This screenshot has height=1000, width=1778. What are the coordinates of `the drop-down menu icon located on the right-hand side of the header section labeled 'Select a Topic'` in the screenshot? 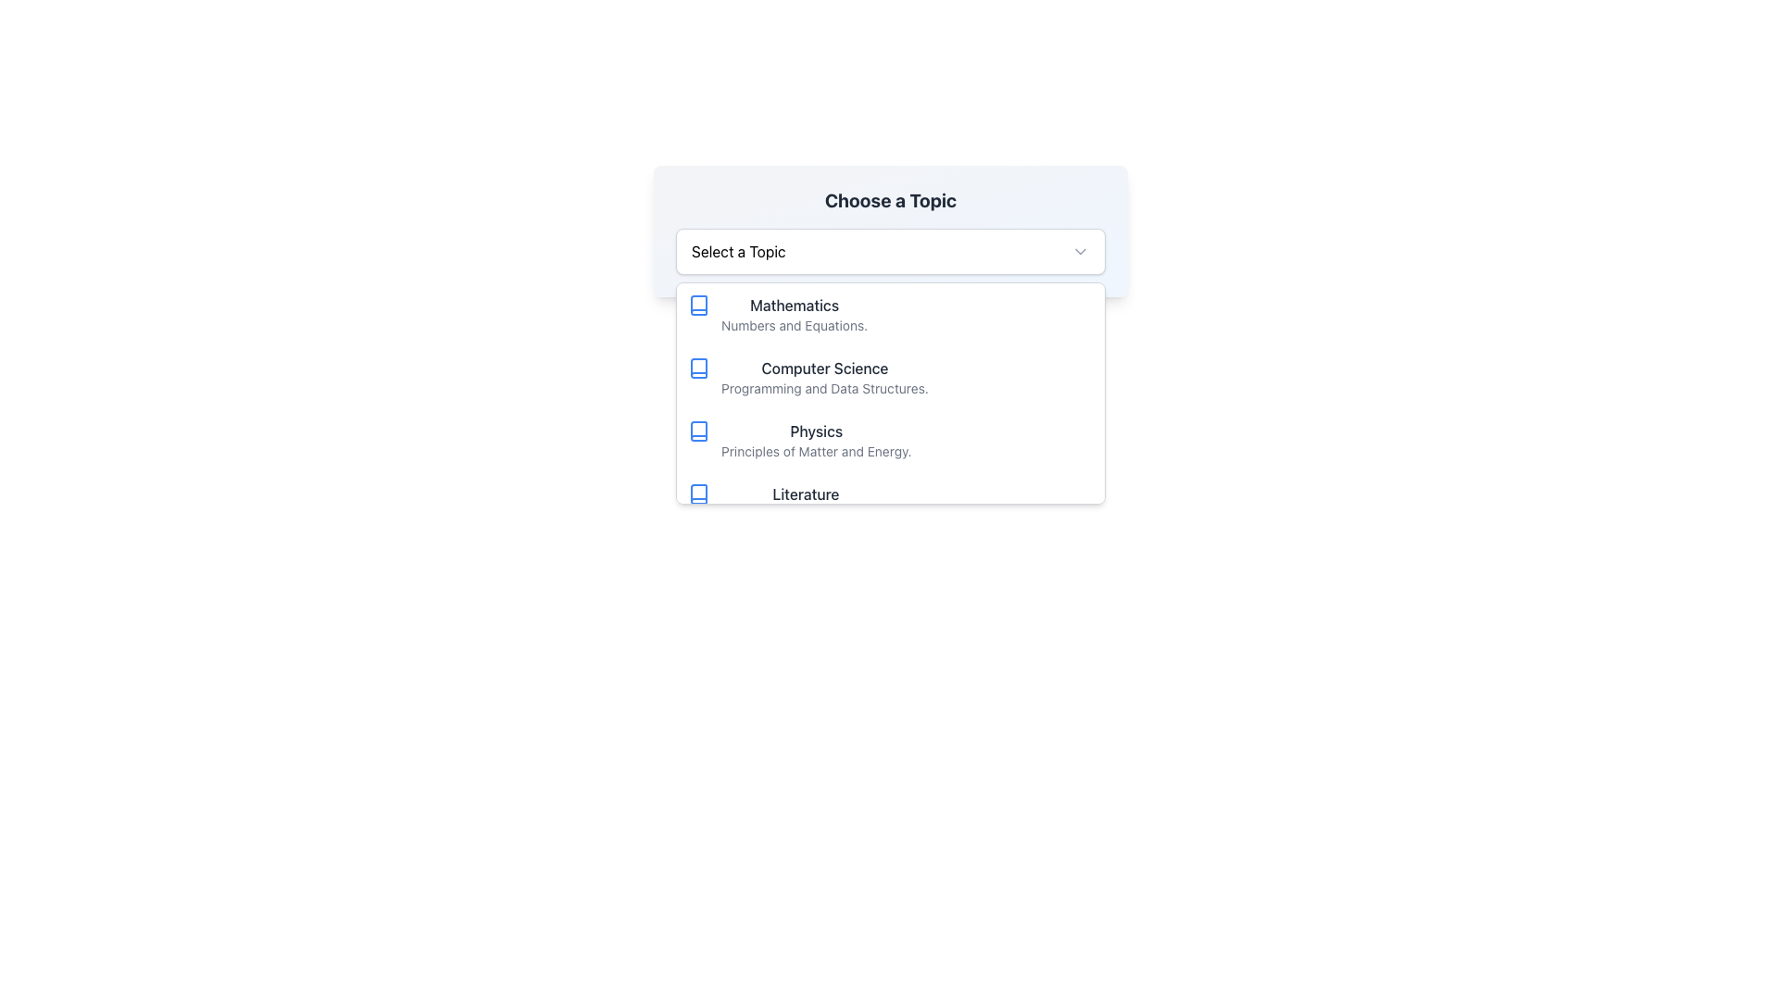 It's located at (1080, 252).